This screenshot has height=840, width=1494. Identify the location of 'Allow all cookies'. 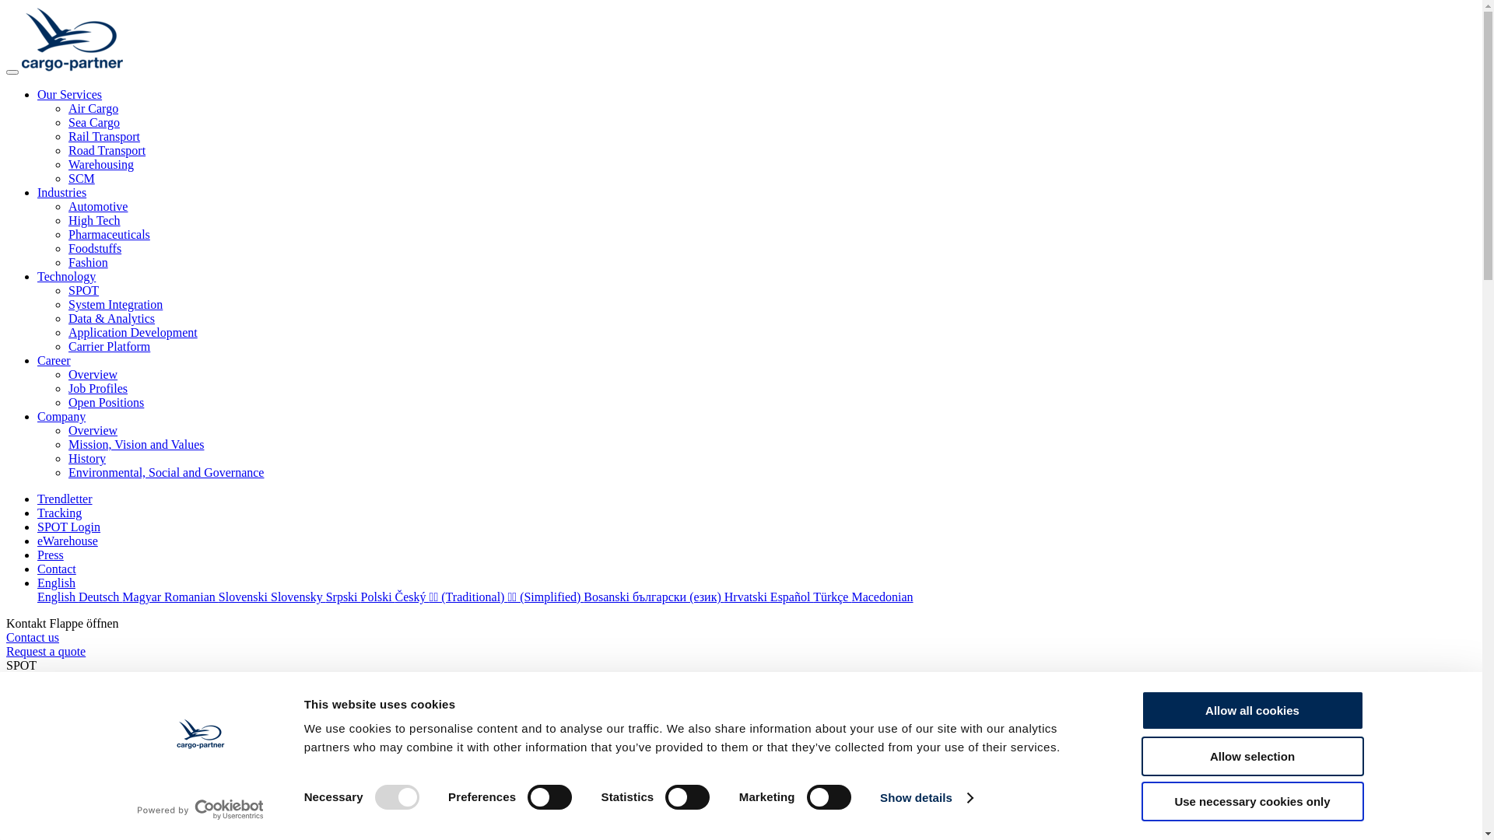
(1251, 710).